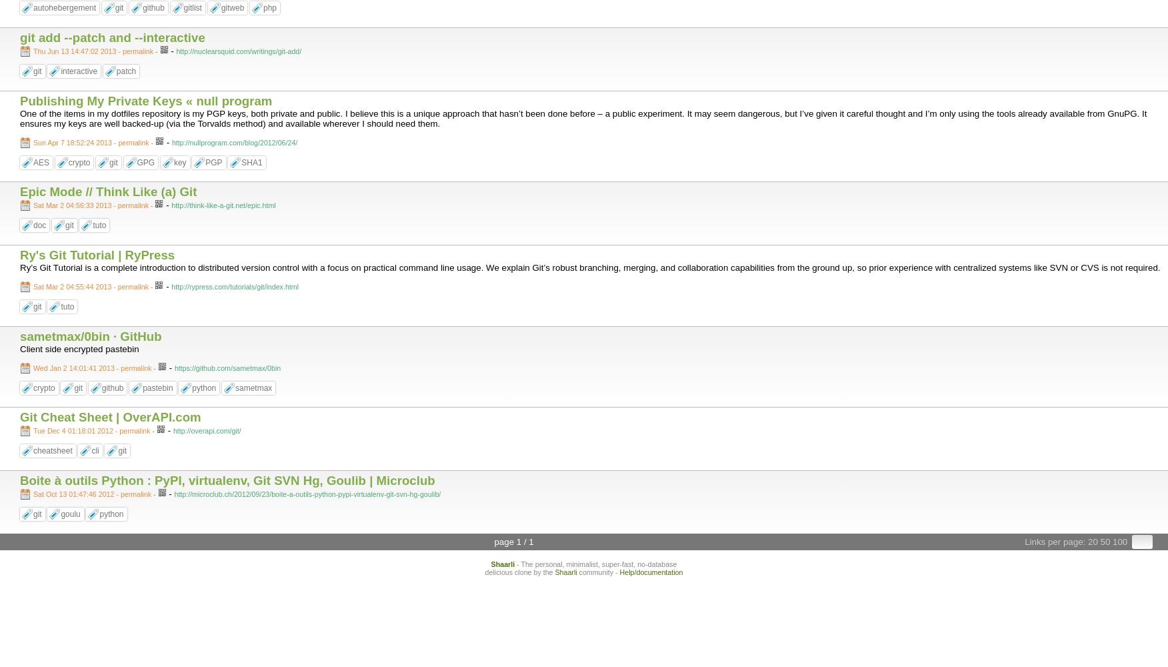 This screenshot has width=1168, height=667. What do you see at coordinates (91, 493) in the screenshot?
I see `'Sat Oct 13 01:47:46 2012 - permalink'` at bounding box center [91, 493].